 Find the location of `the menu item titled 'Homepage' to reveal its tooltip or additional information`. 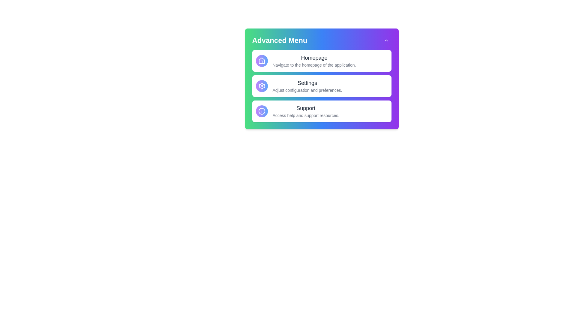

the menu item titled 'Homepage' to reveal its tooltip or additional information is located at coordinates (321, 61).